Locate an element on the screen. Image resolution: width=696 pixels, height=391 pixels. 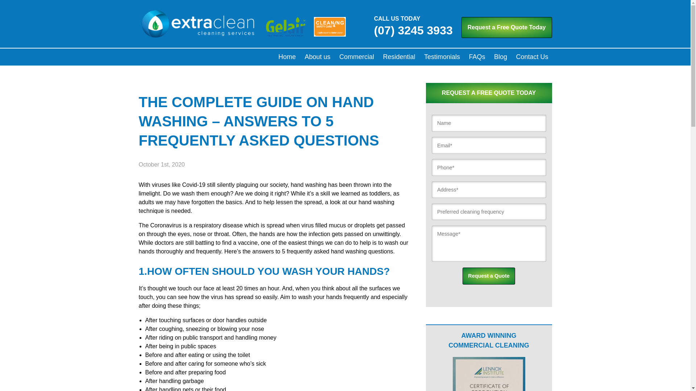
'Testimonials' is located at coordinates (442, 56).